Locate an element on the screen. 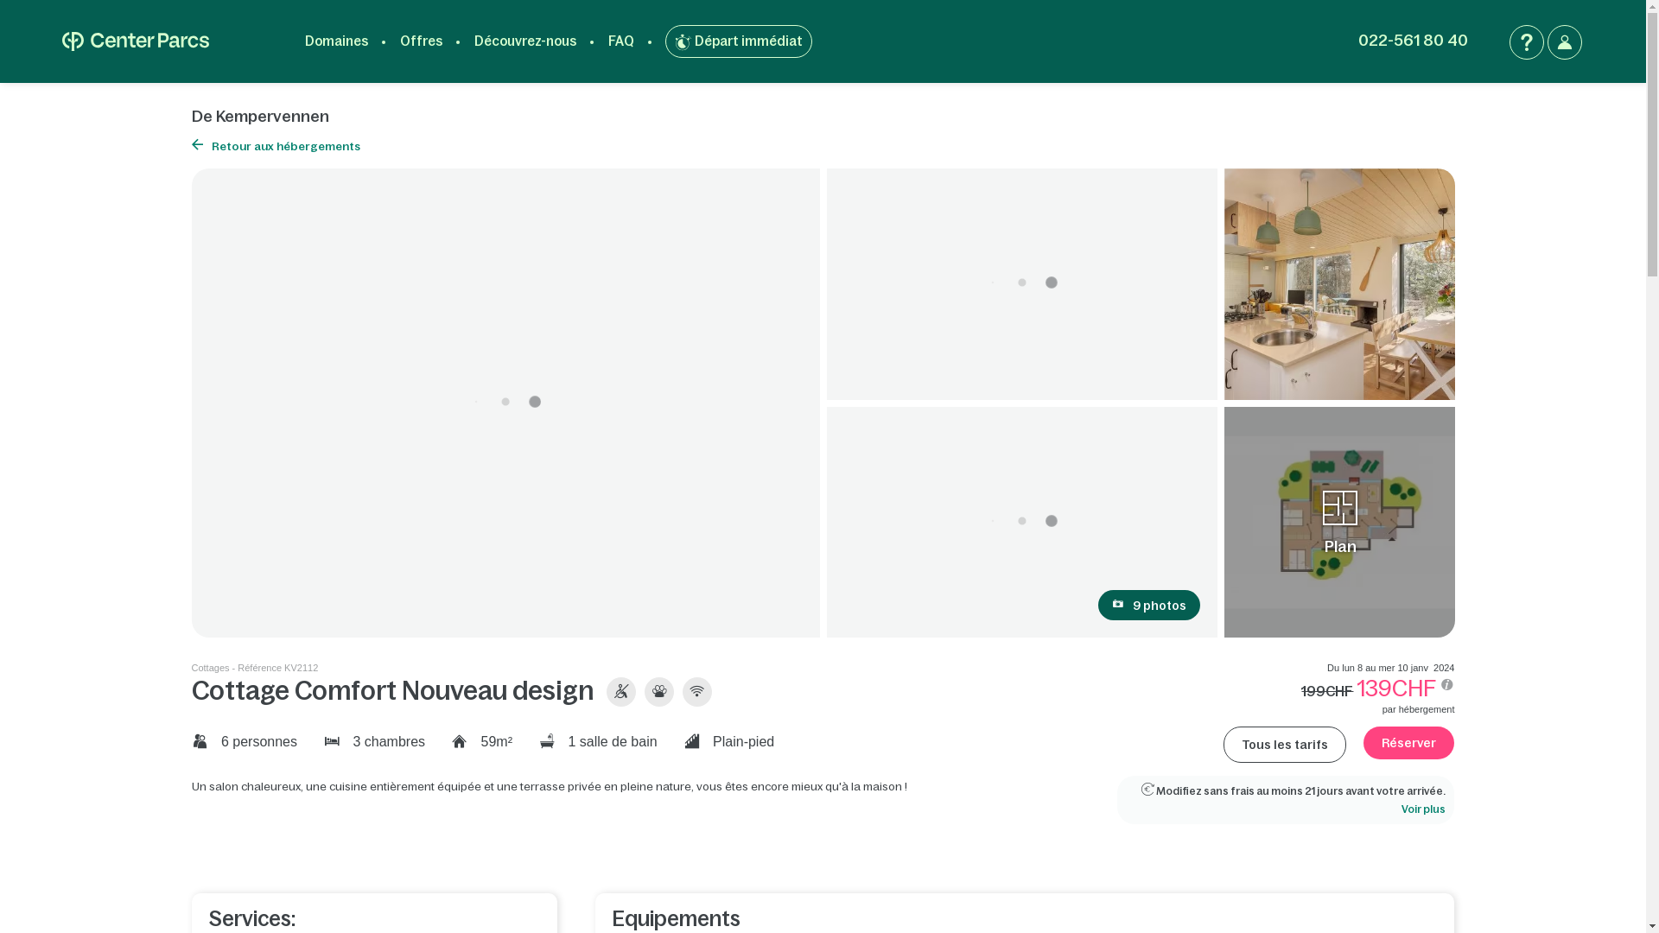  'FAQ' is located at coordinates (621, 40).